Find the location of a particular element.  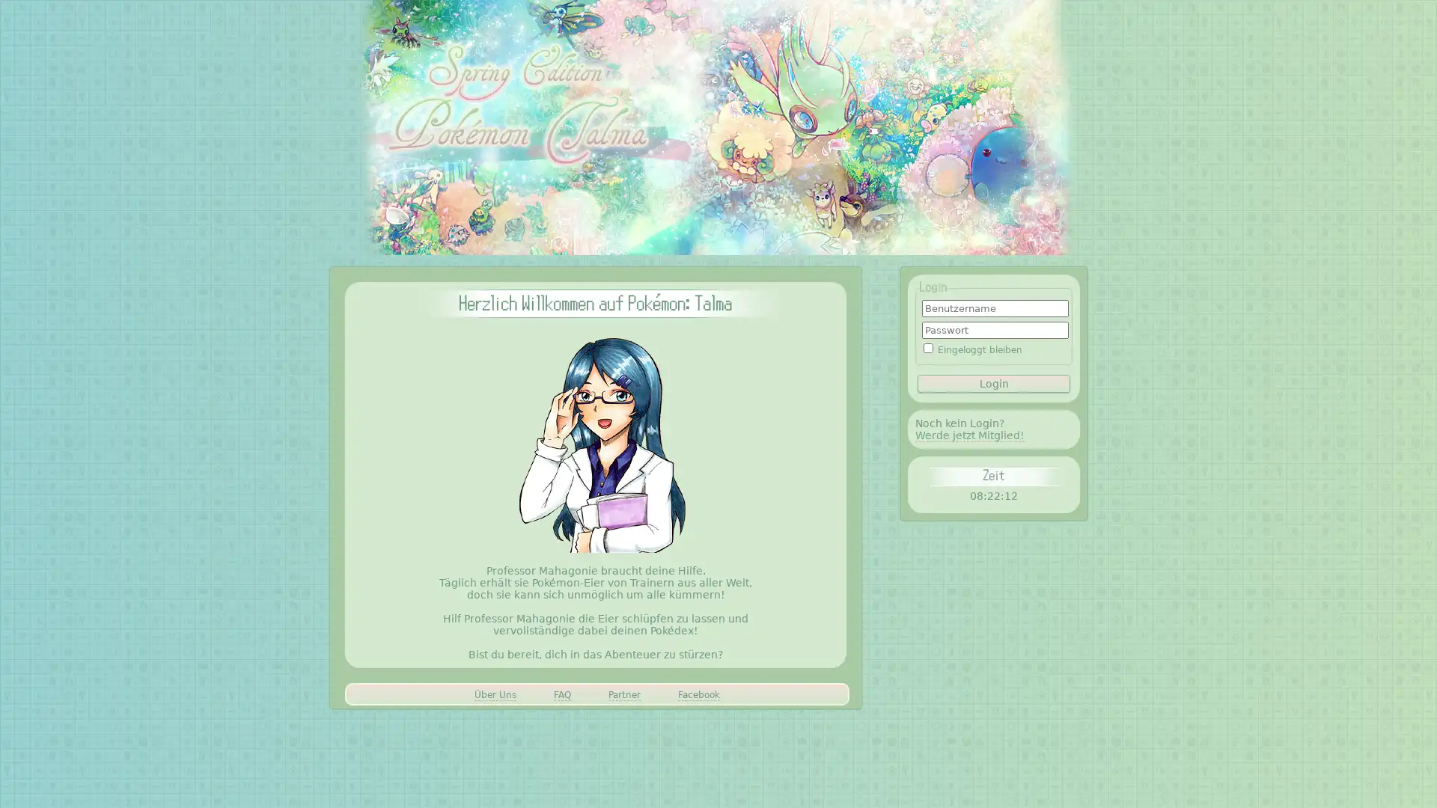

Login is located at coordinates (994, 382).